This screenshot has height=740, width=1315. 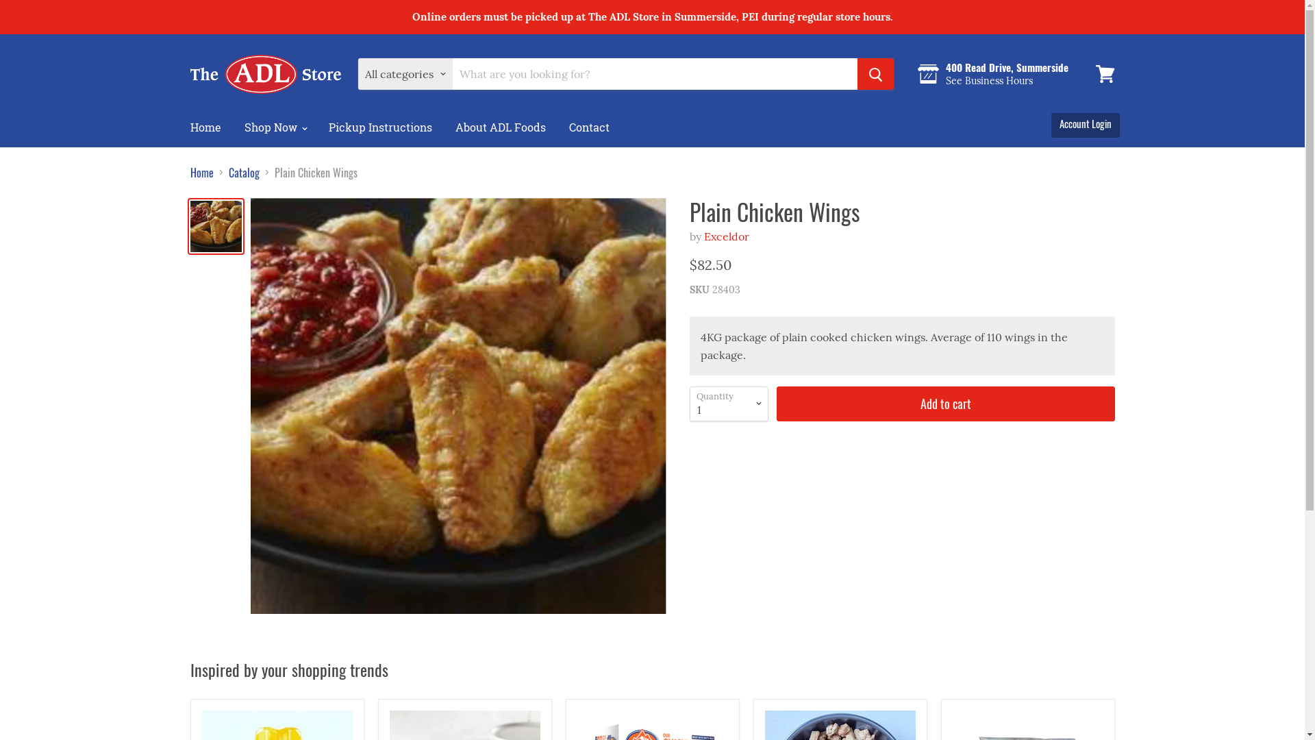 I want to click on 'View cart', so click(x=1088, y=74).